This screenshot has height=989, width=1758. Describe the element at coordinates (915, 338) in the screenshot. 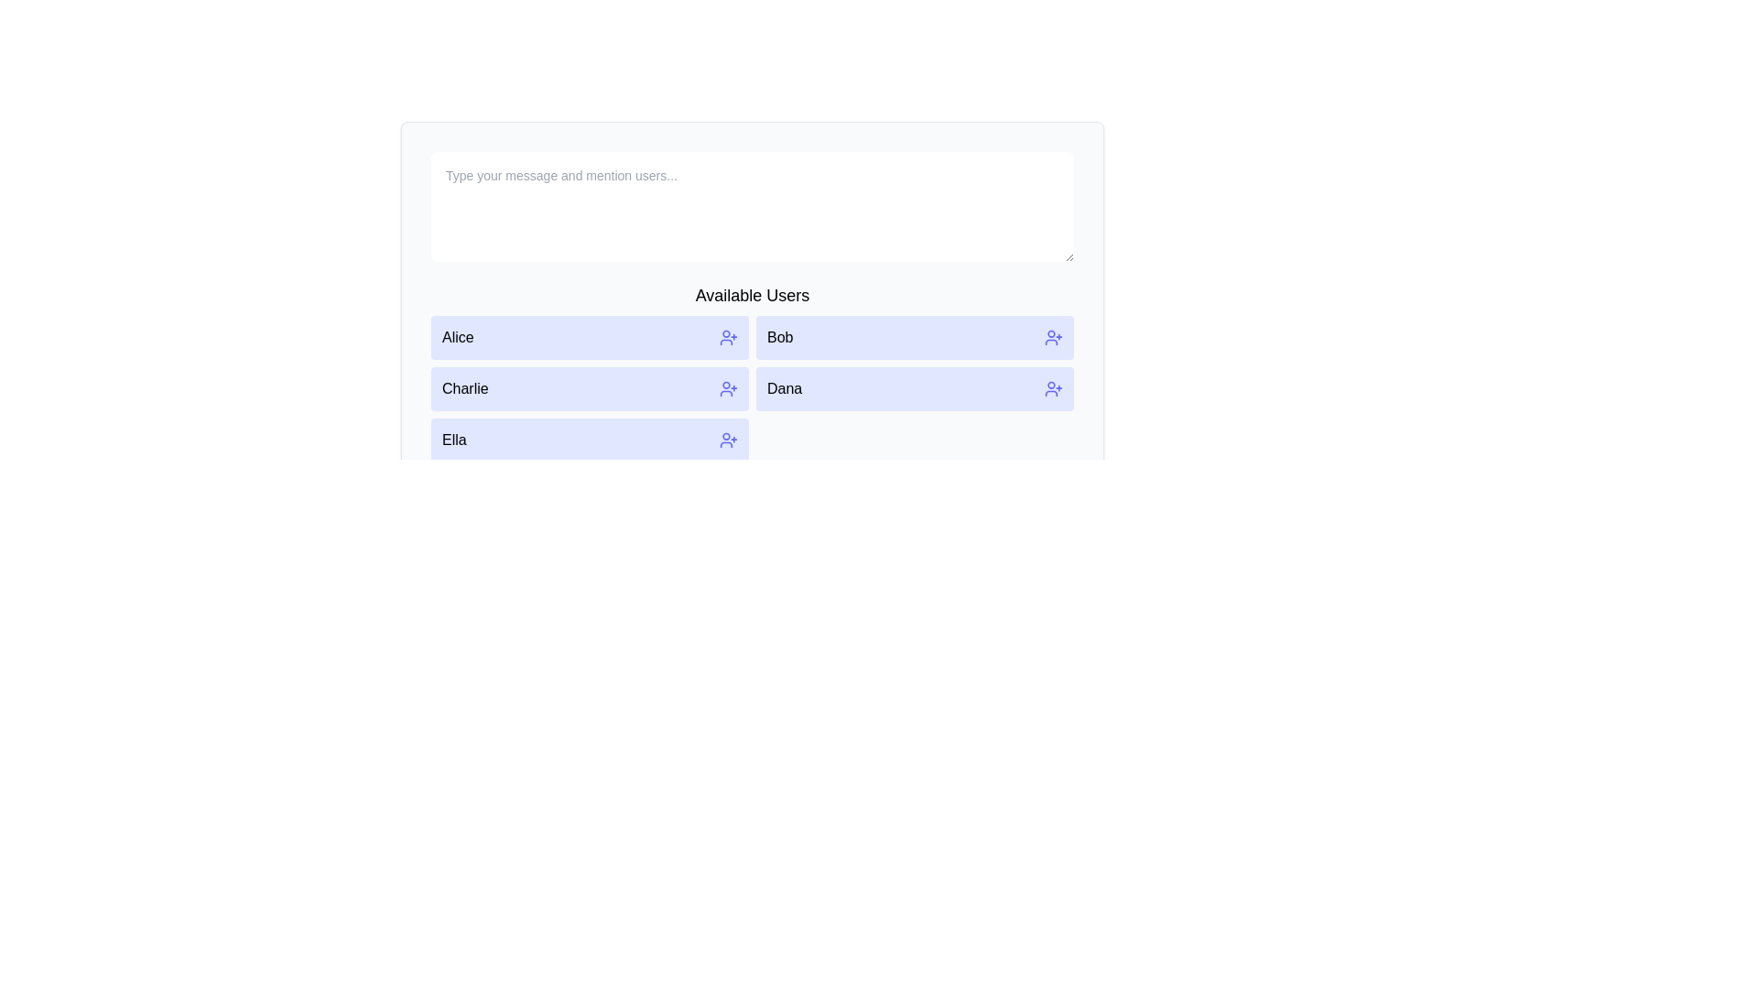

I see `the interactive card representing 'Bob'` at that location.